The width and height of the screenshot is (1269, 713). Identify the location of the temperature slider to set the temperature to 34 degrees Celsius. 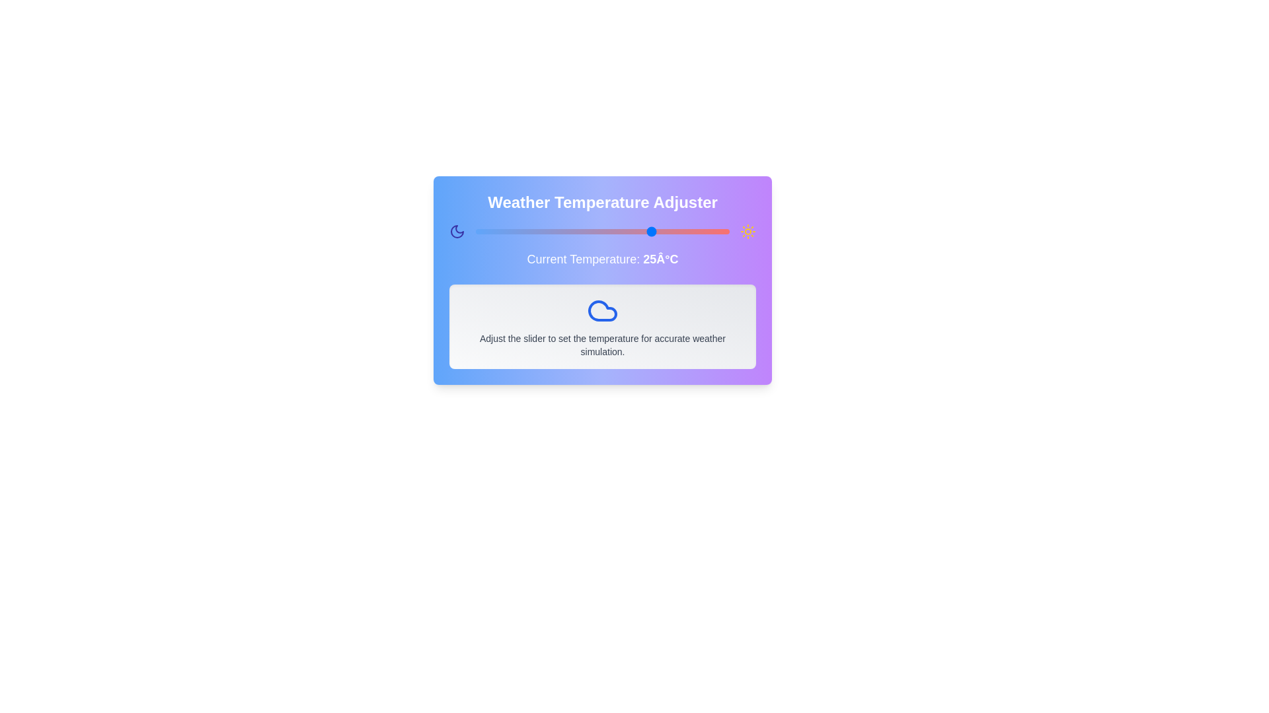
(698, 231).